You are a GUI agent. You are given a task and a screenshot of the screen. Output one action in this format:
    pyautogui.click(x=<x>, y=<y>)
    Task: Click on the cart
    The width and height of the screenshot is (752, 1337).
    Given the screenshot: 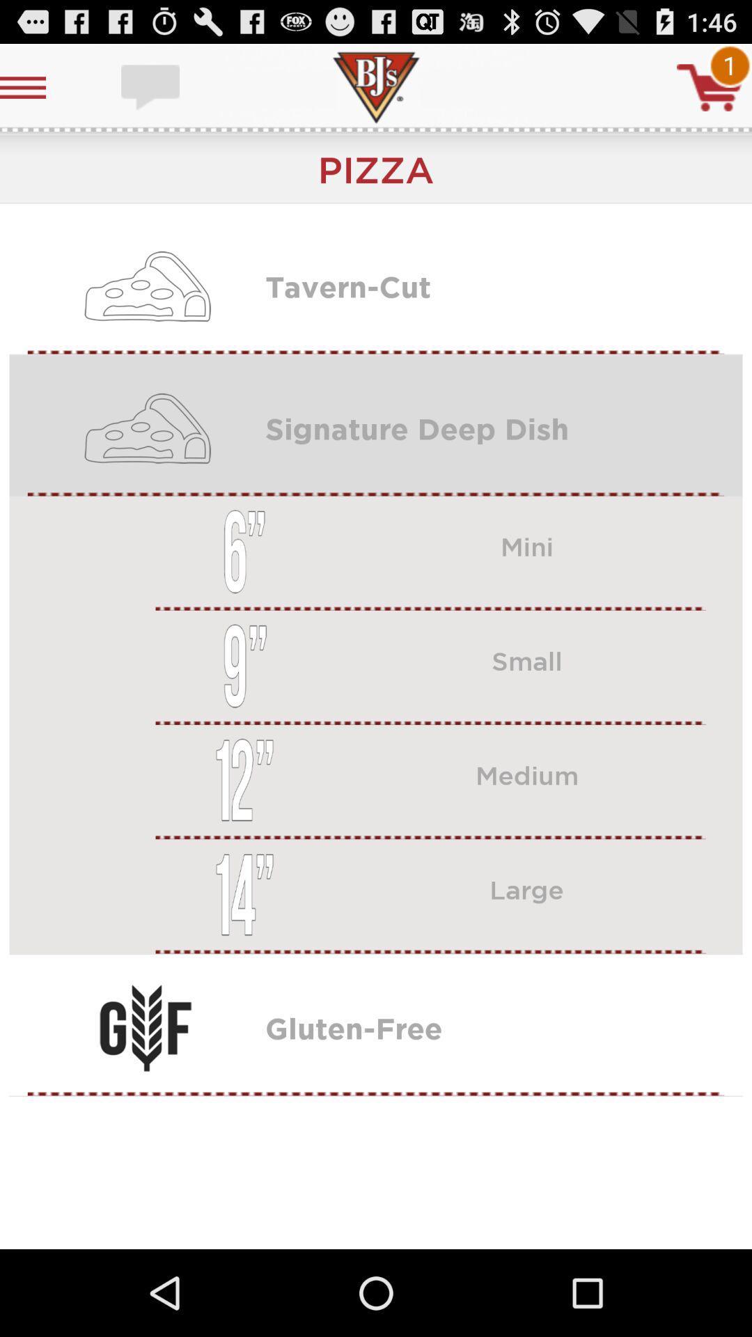 What is the action you would take?
    pyautogui.click(x=710, y=86)
    